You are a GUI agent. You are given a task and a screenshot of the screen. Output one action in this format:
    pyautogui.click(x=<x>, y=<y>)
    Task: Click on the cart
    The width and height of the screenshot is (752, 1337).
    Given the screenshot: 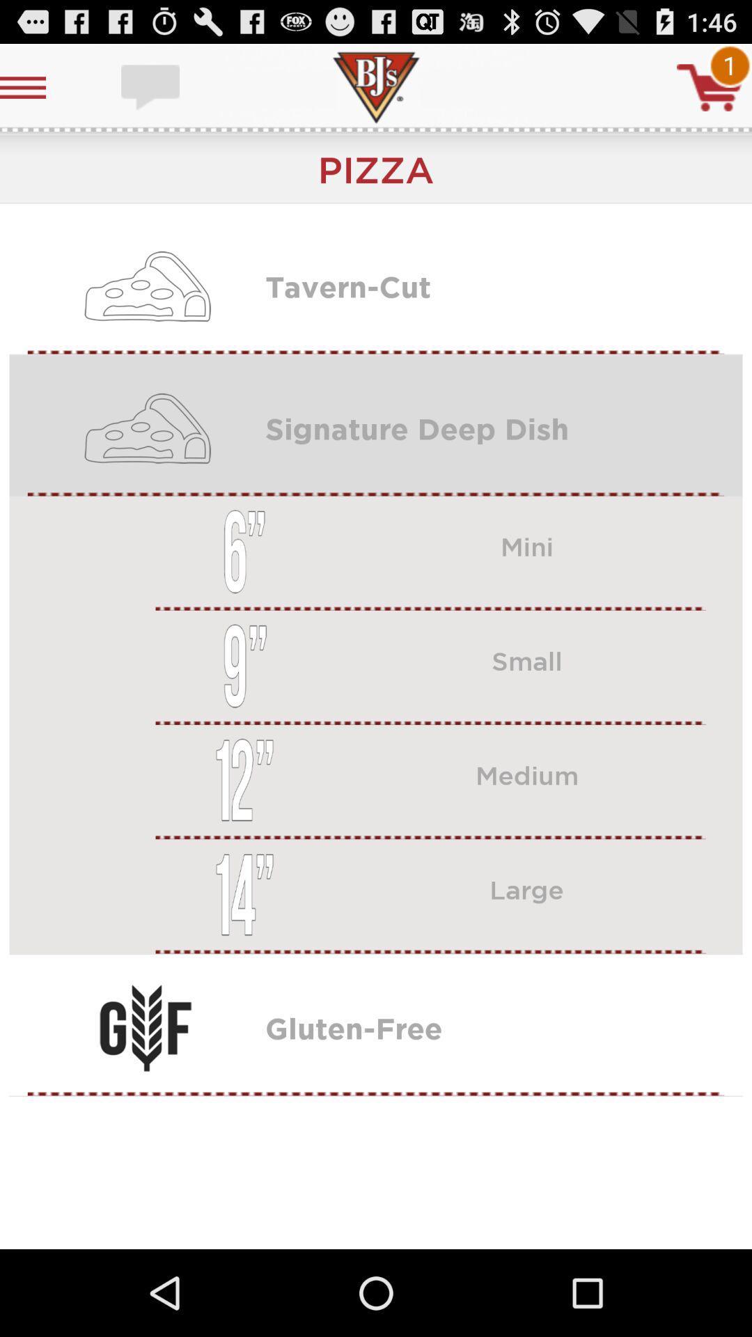 What is the action you would take?
    pyautogui.click(x=710, y=86)
    